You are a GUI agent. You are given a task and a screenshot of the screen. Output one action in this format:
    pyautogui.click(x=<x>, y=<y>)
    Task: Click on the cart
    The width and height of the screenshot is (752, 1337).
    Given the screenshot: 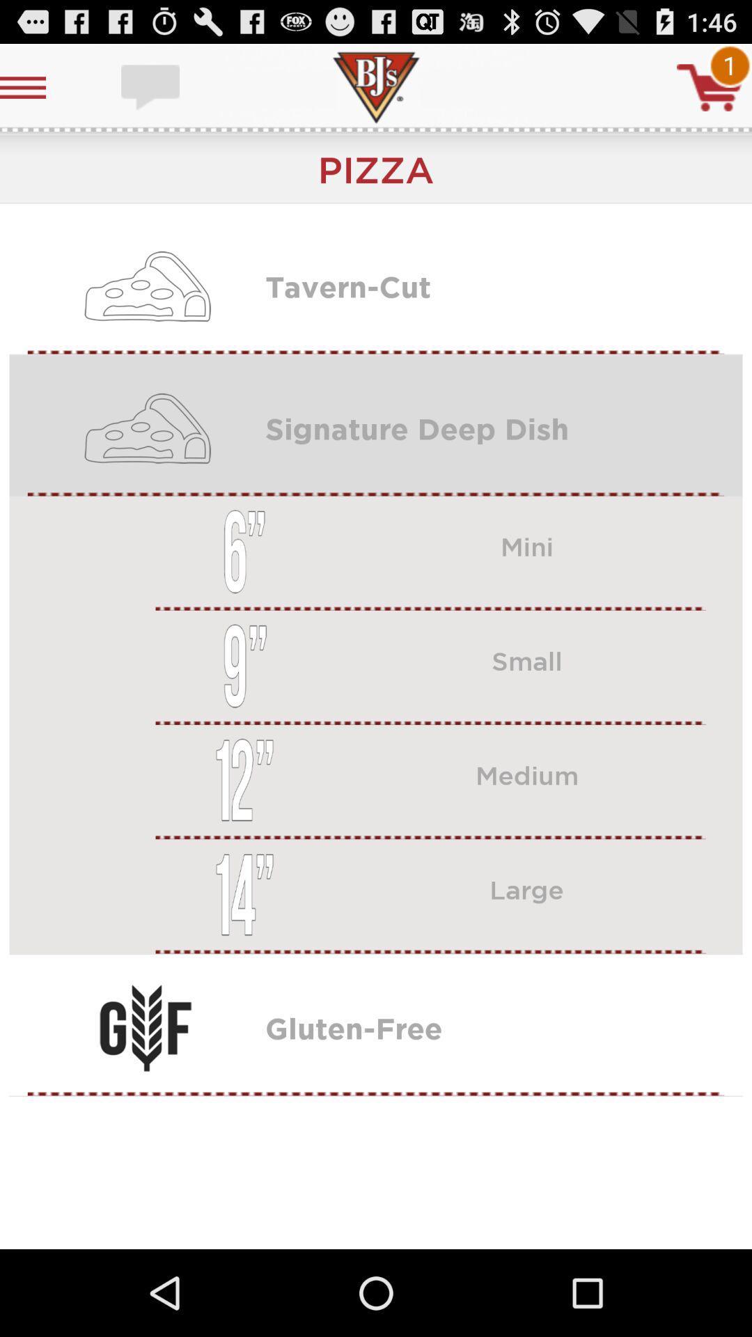 What is the action you would take?
    pyautogui.click(x=710, y=86)
    